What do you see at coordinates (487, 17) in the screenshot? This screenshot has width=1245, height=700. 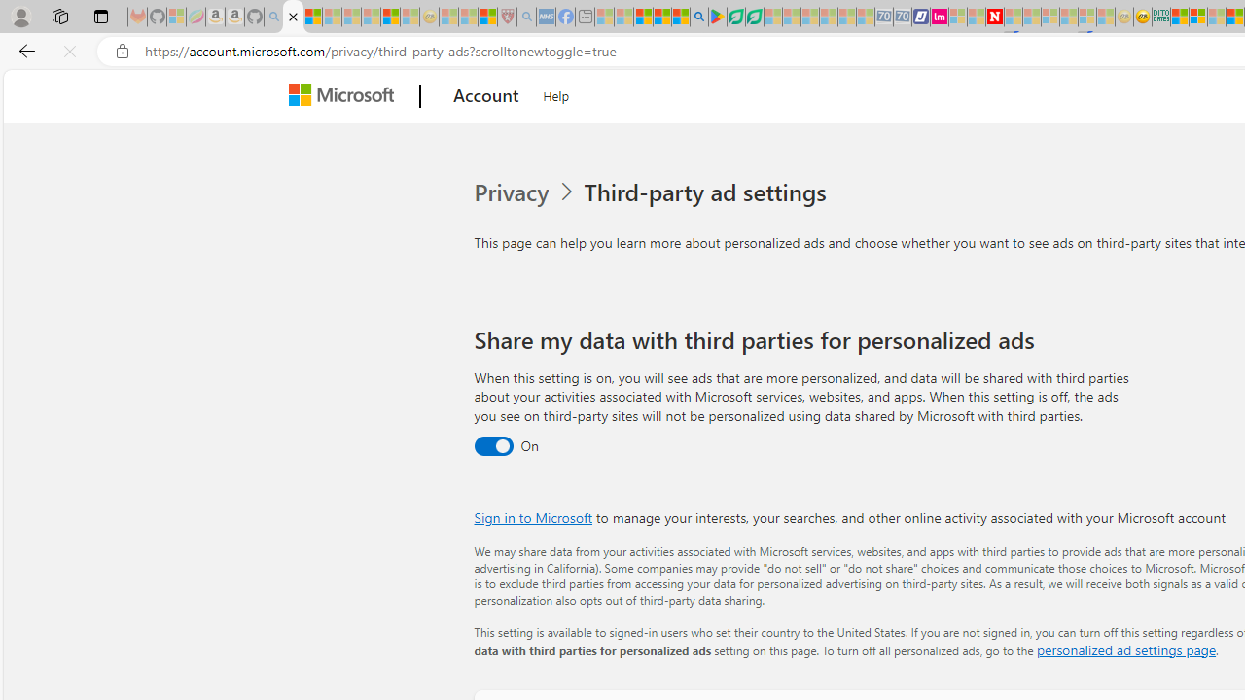 I see `'Local - MSN'` at bounding box center [487, 17].